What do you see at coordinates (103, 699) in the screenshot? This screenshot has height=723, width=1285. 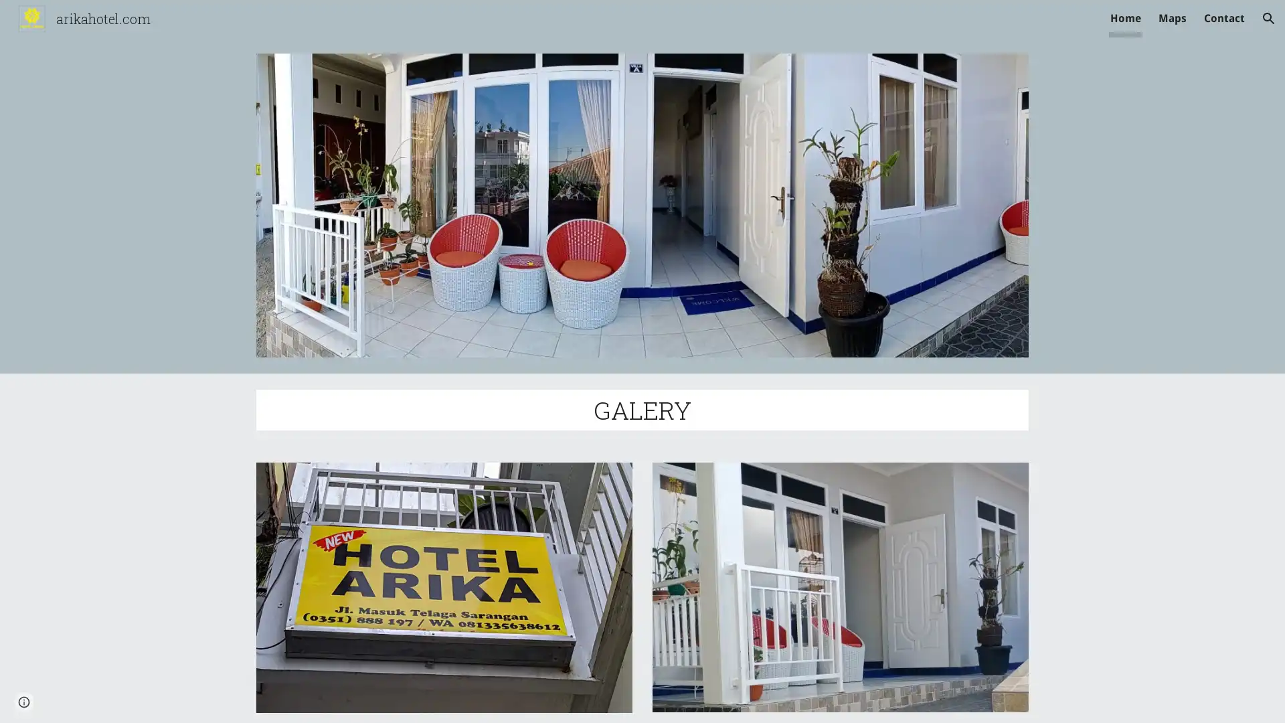 I see `Google Sites` at bounding box center [103, 699].